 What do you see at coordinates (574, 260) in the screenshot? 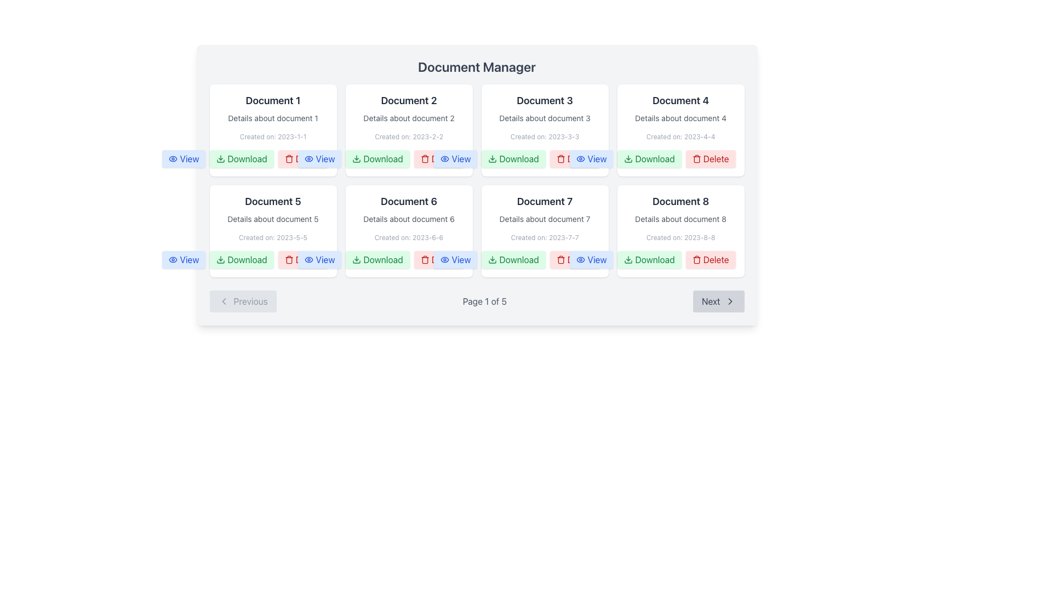
I see `the delete button for 'Document 7'` at bounding box center [574, 260].